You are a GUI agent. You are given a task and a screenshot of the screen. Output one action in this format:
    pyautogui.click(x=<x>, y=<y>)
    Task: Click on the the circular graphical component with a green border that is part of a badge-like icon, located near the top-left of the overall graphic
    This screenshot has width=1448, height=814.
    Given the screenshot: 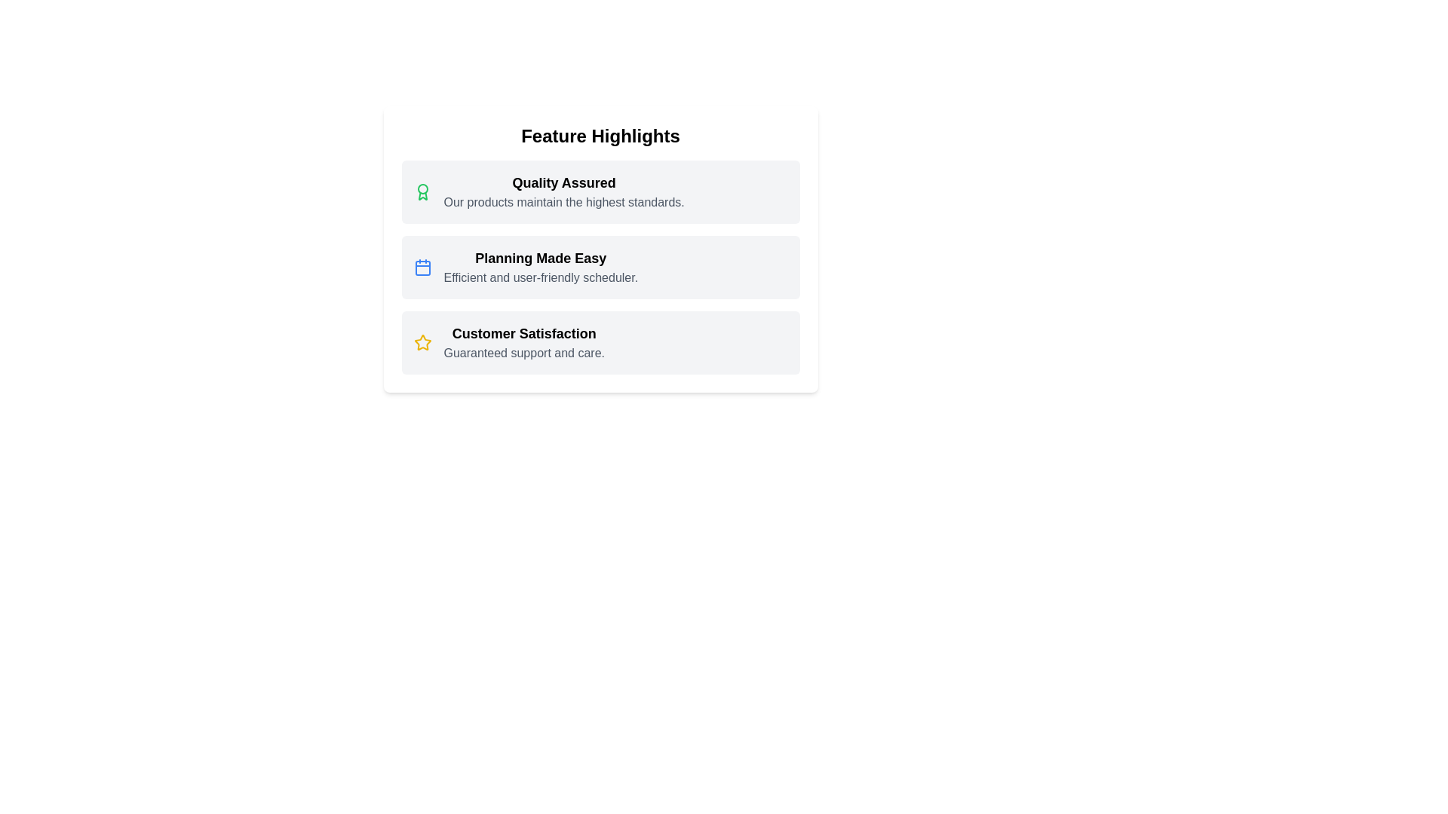 What is the action you would take?
    pyautogui.click(x=422, y=188)
    